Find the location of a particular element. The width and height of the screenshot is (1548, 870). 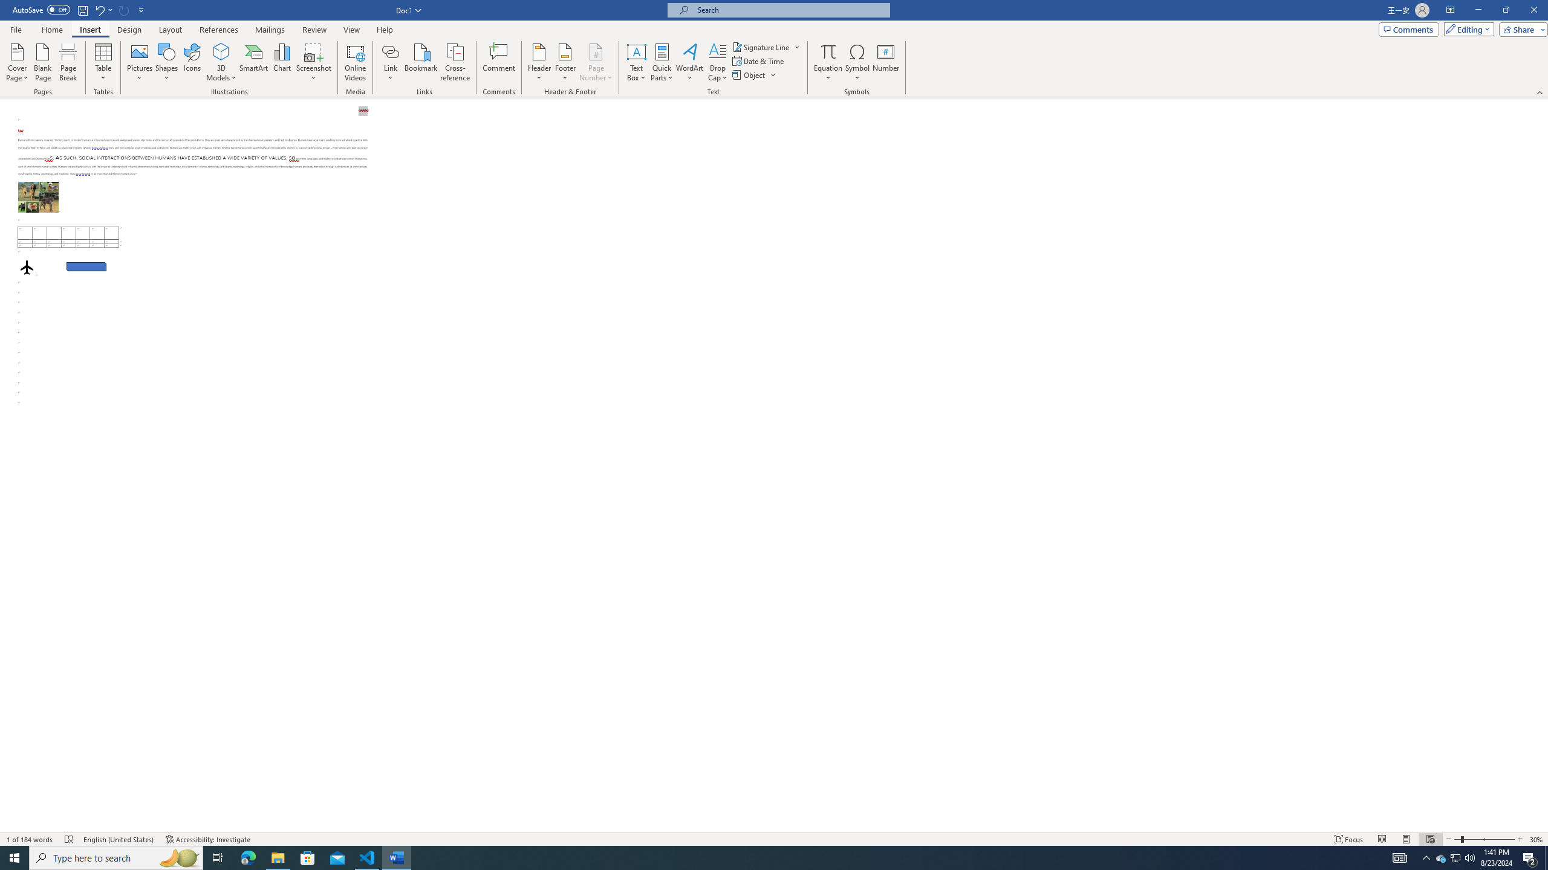

'Rectangle: Diagonal Corners Snipped 2' is located at coordinates (86, 266).